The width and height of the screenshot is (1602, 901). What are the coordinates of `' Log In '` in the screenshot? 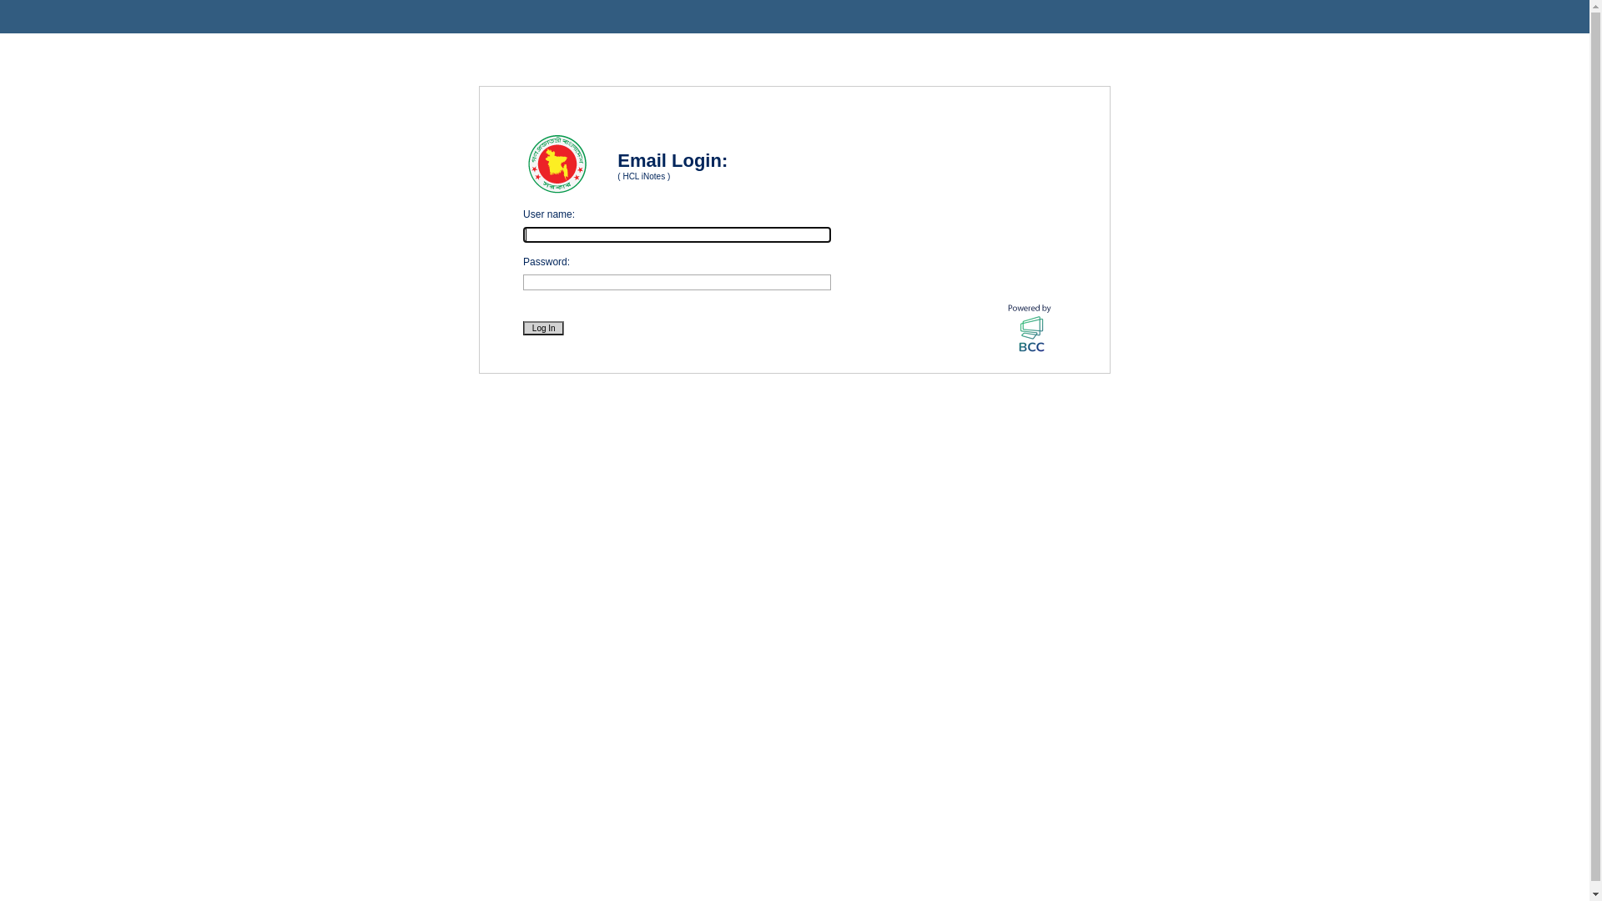 It's located at (522, 328).